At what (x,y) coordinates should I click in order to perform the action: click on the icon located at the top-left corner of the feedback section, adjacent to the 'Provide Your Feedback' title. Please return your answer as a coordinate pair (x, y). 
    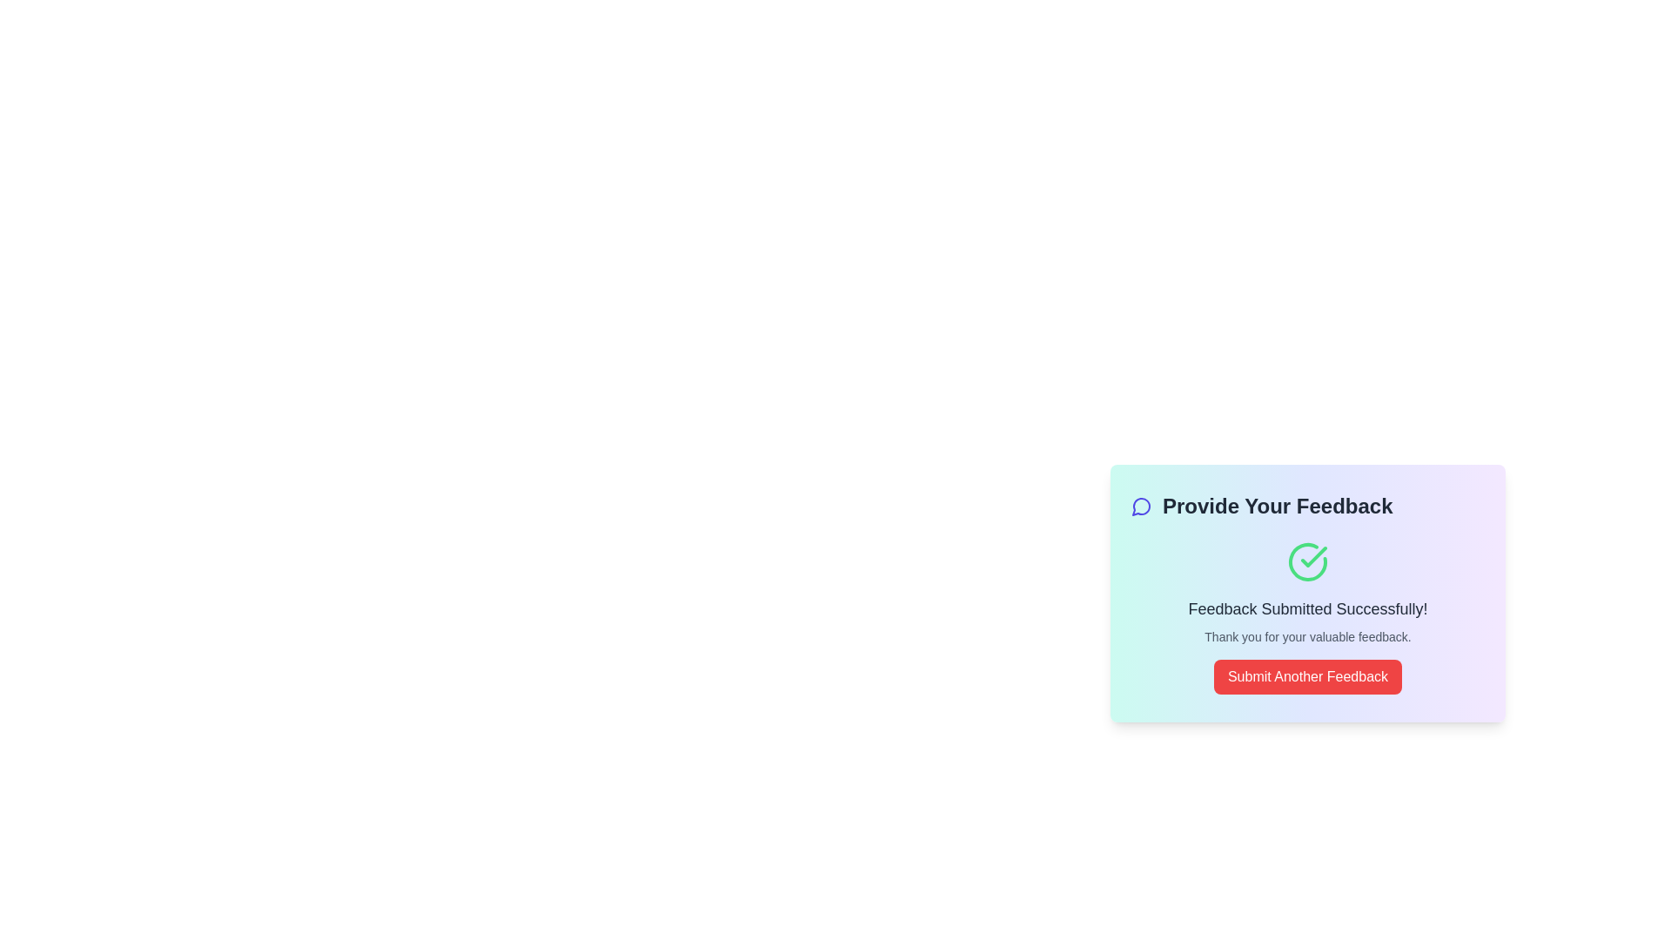
    Looking at the image, I should click on (1141, 507).